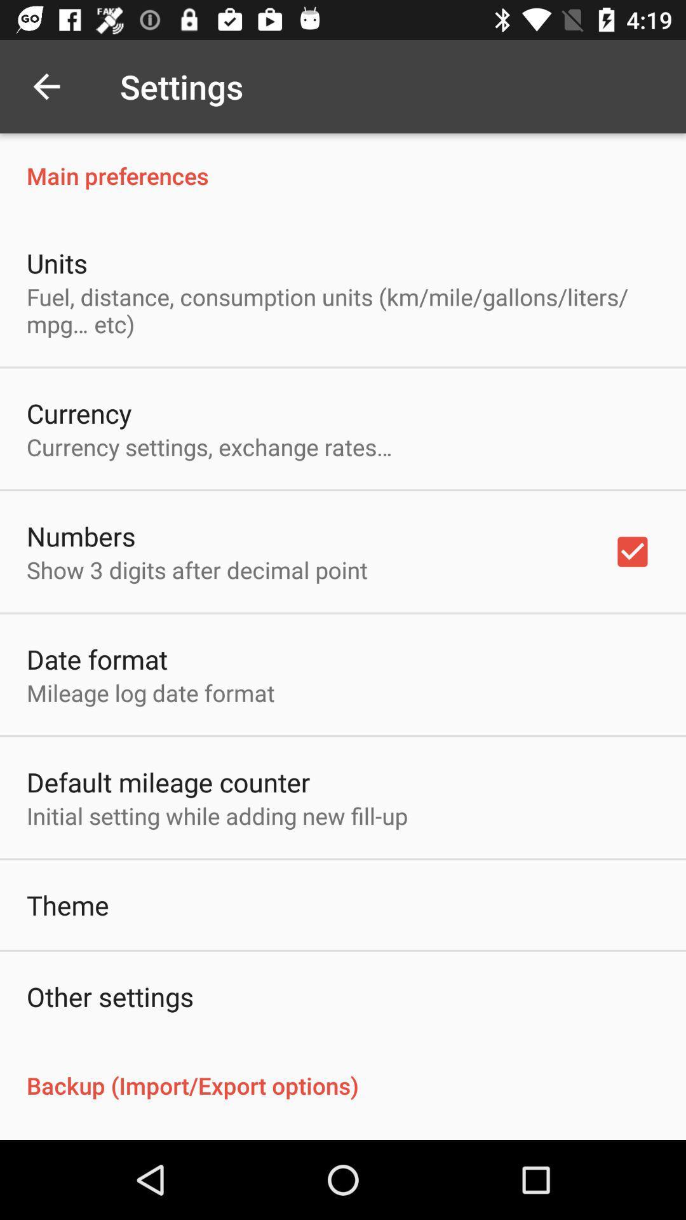 Image resolution: width=686 pixels, height=1220 pixels. What do you see at coordinates (46, 86) in the screenshot?
I see `the item next to the settings icon` at bounding box center [46, 86].